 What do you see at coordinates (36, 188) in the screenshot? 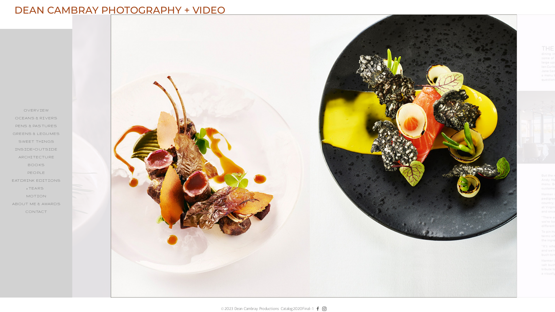
I see `'TEARS'` at bounding box center [36, 188].